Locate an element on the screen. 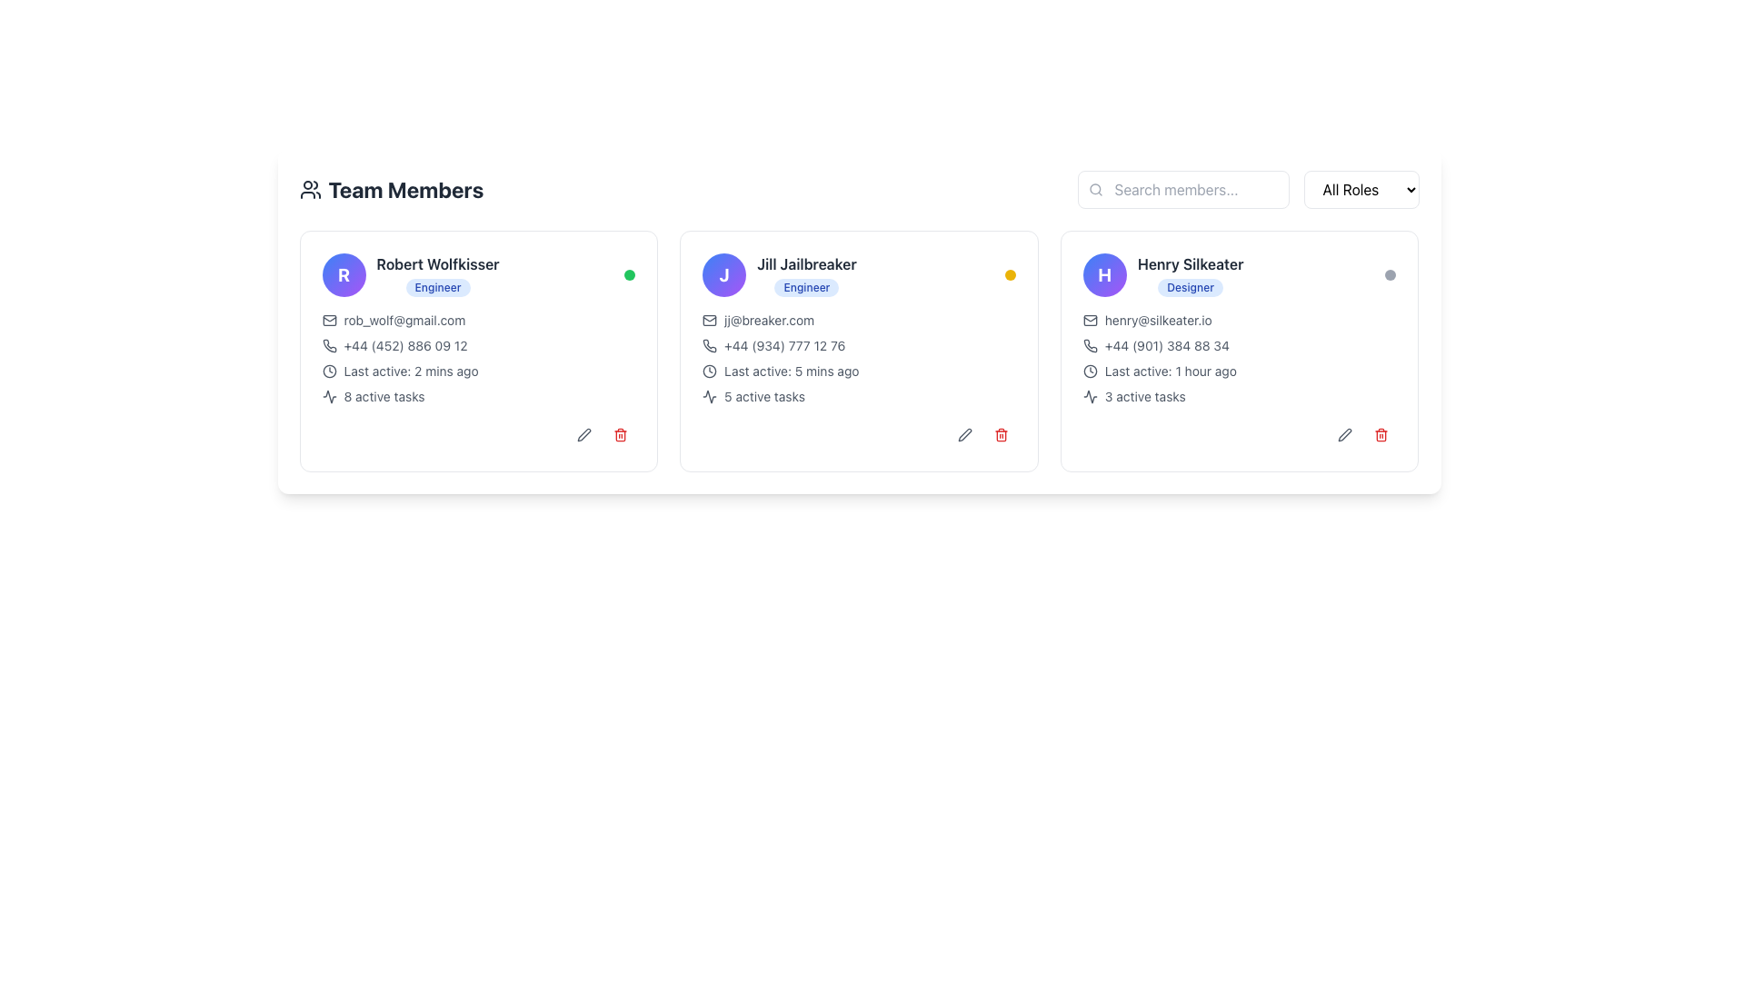  the decorative icon positioned to the left of the 'Team Members' header, which visually indicates the section's context is located at coordinates (310, 189).